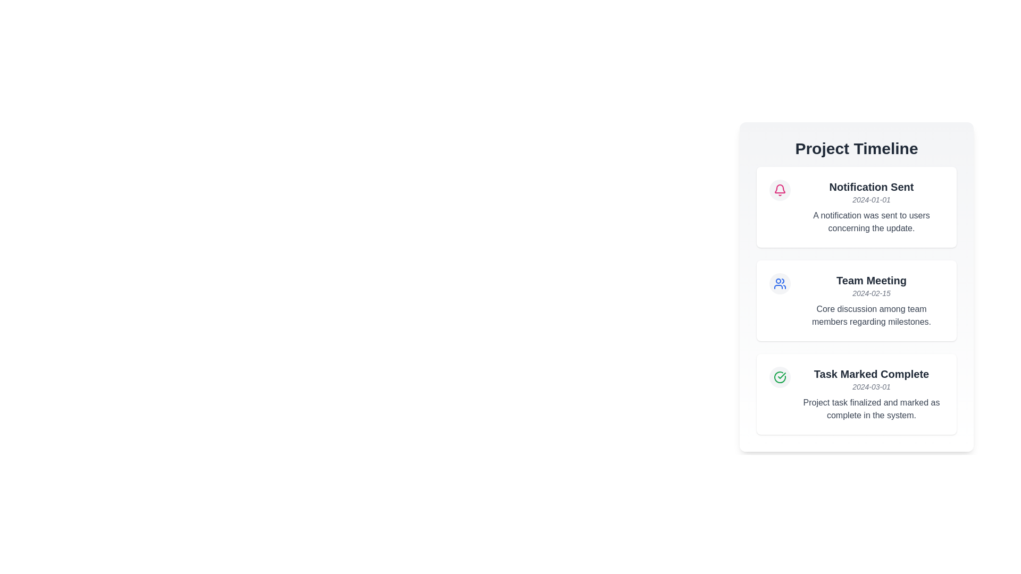 The height and width of the screenshot is (574, 1021). What do you see at coordinates (871, 293) in the screenshot?
I see `the text element indicating the date of the team meeting, which is located beneath the 'Team Meeting' title` at bounding box center [871, 293].